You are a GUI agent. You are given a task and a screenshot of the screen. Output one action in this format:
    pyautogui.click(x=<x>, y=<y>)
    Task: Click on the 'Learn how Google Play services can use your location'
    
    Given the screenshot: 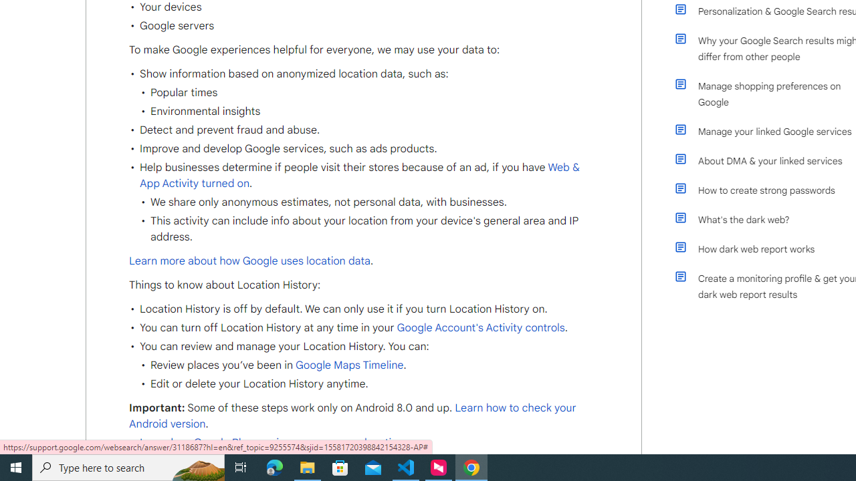 What is the action you would take?
    pyautogui.click(x=271, y=443)
    